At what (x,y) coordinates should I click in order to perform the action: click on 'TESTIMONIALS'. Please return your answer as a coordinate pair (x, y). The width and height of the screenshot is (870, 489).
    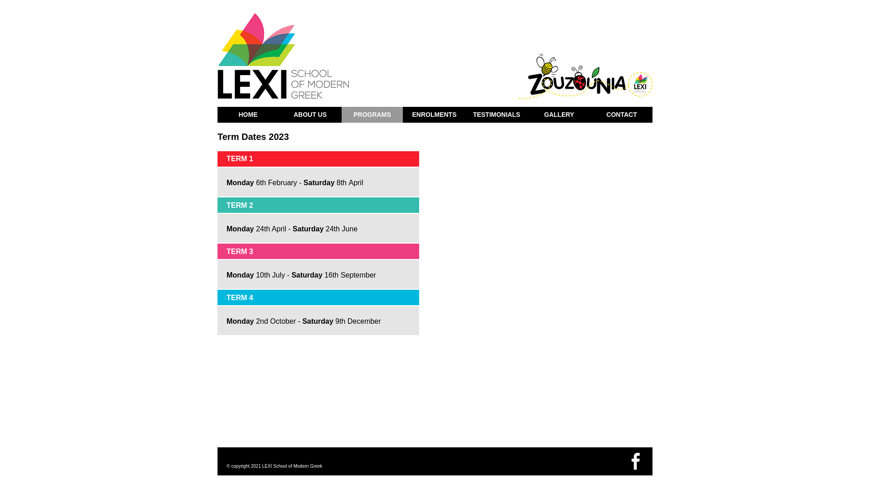
    Looking at the image, I should click on (496, 114).